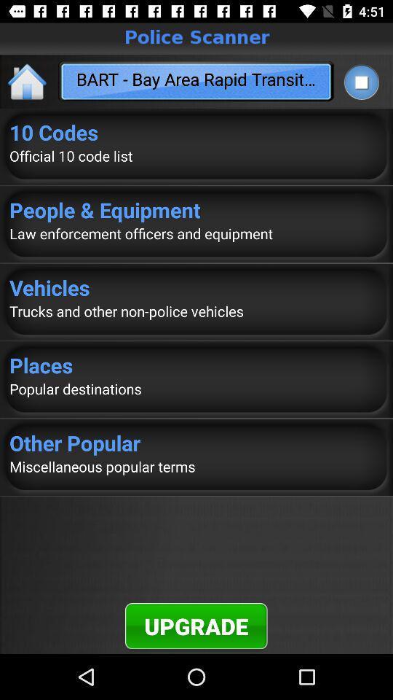  What do you see at coordinates (196, 442) in the screenshot?
I see `the other popular app` at bounding box center [196, 442].